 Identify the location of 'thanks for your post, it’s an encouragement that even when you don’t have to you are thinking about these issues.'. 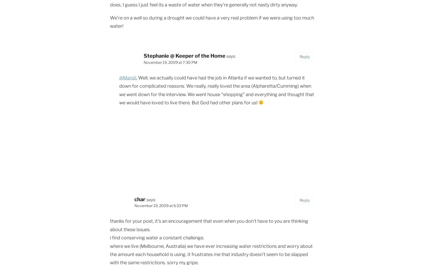
(110, 225).